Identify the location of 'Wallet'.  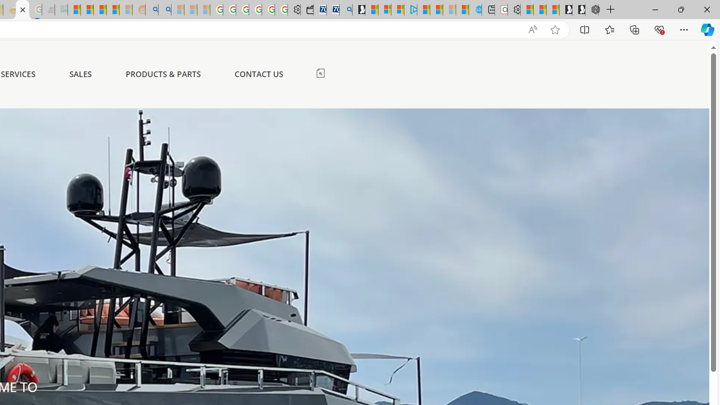
(307, 10).